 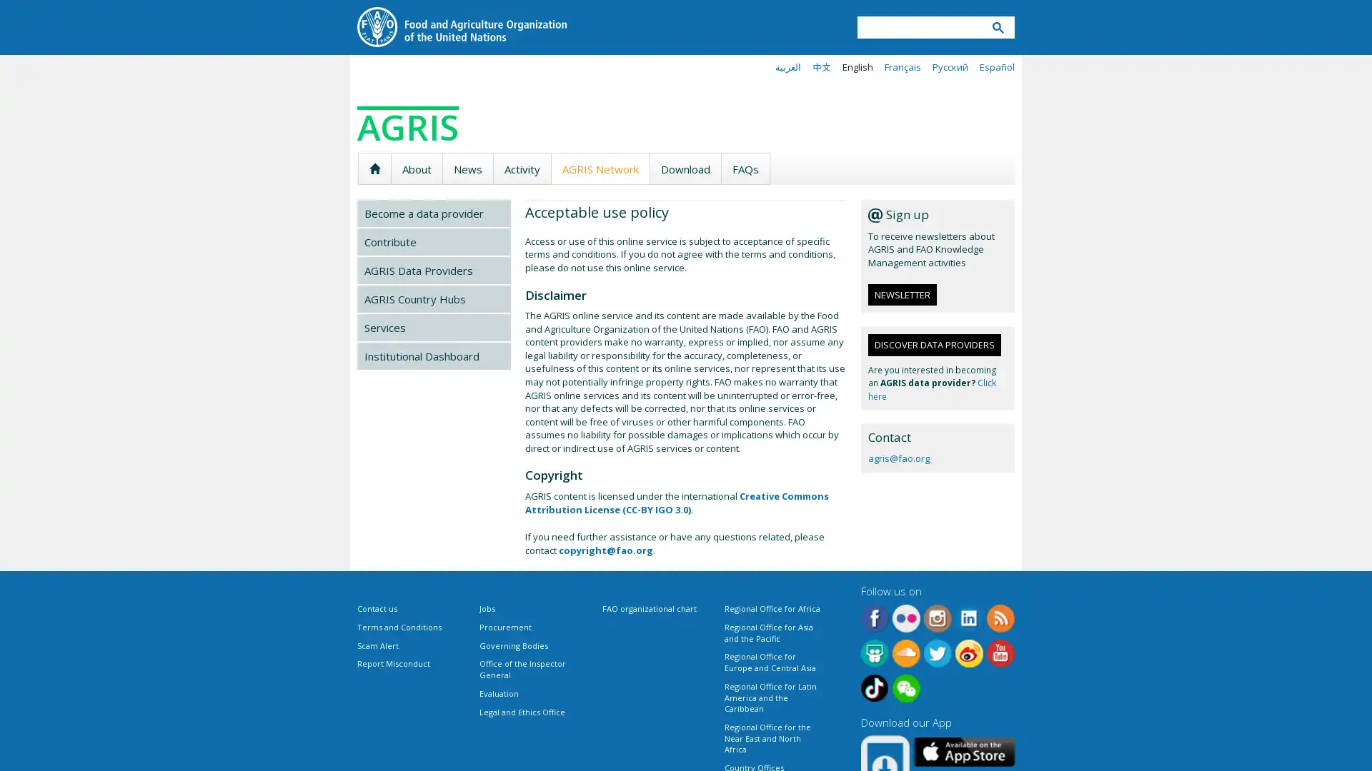 I want to click on search, so click(x=997, y=27).